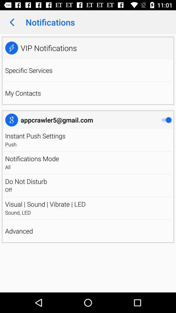 The image size is (176, 313). I want to click on the instant push settings icon, so click(35, 135).